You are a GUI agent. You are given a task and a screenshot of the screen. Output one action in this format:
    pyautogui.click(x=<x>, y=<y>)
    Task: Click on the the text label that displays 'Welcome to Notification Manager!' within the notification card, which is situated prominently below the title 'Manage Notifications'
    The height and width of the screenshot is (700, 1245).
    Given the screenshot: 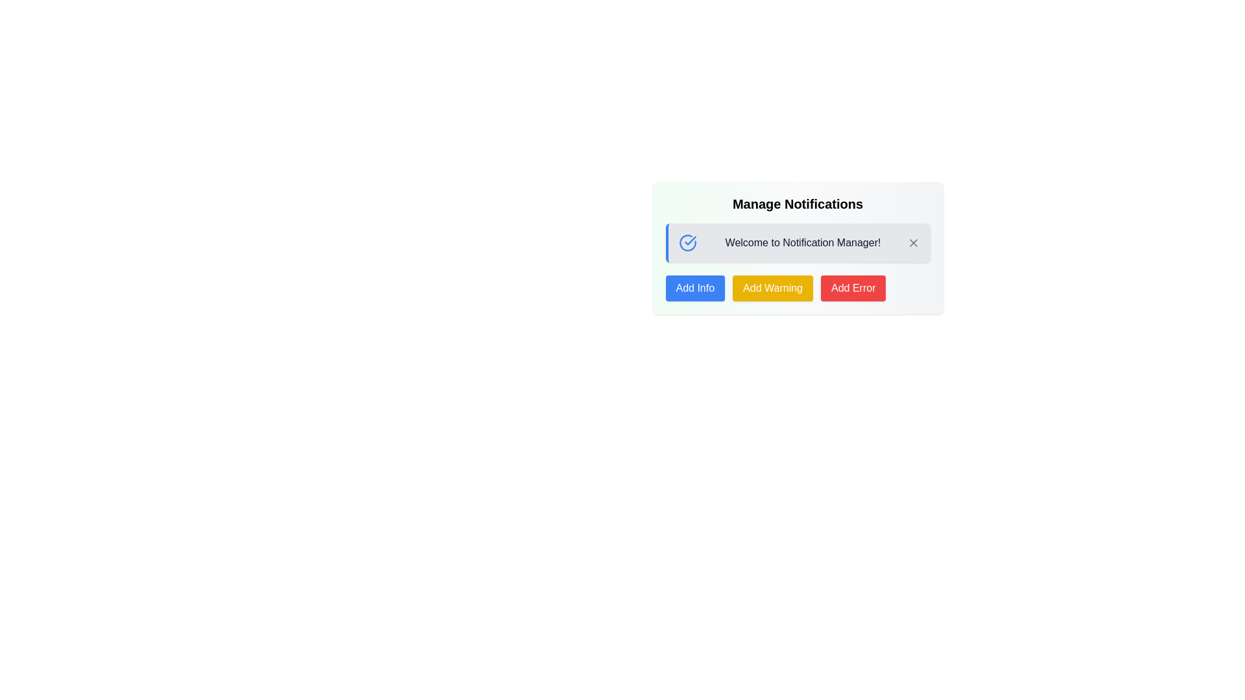 What is the action you would take?
    pyautogui.click(x=802, y=242)
    